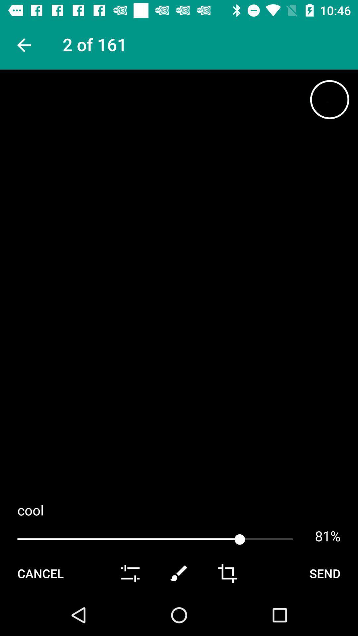 The height and width of the screenshot is (636, 358). I want to click on settings function, so click(130, 573).